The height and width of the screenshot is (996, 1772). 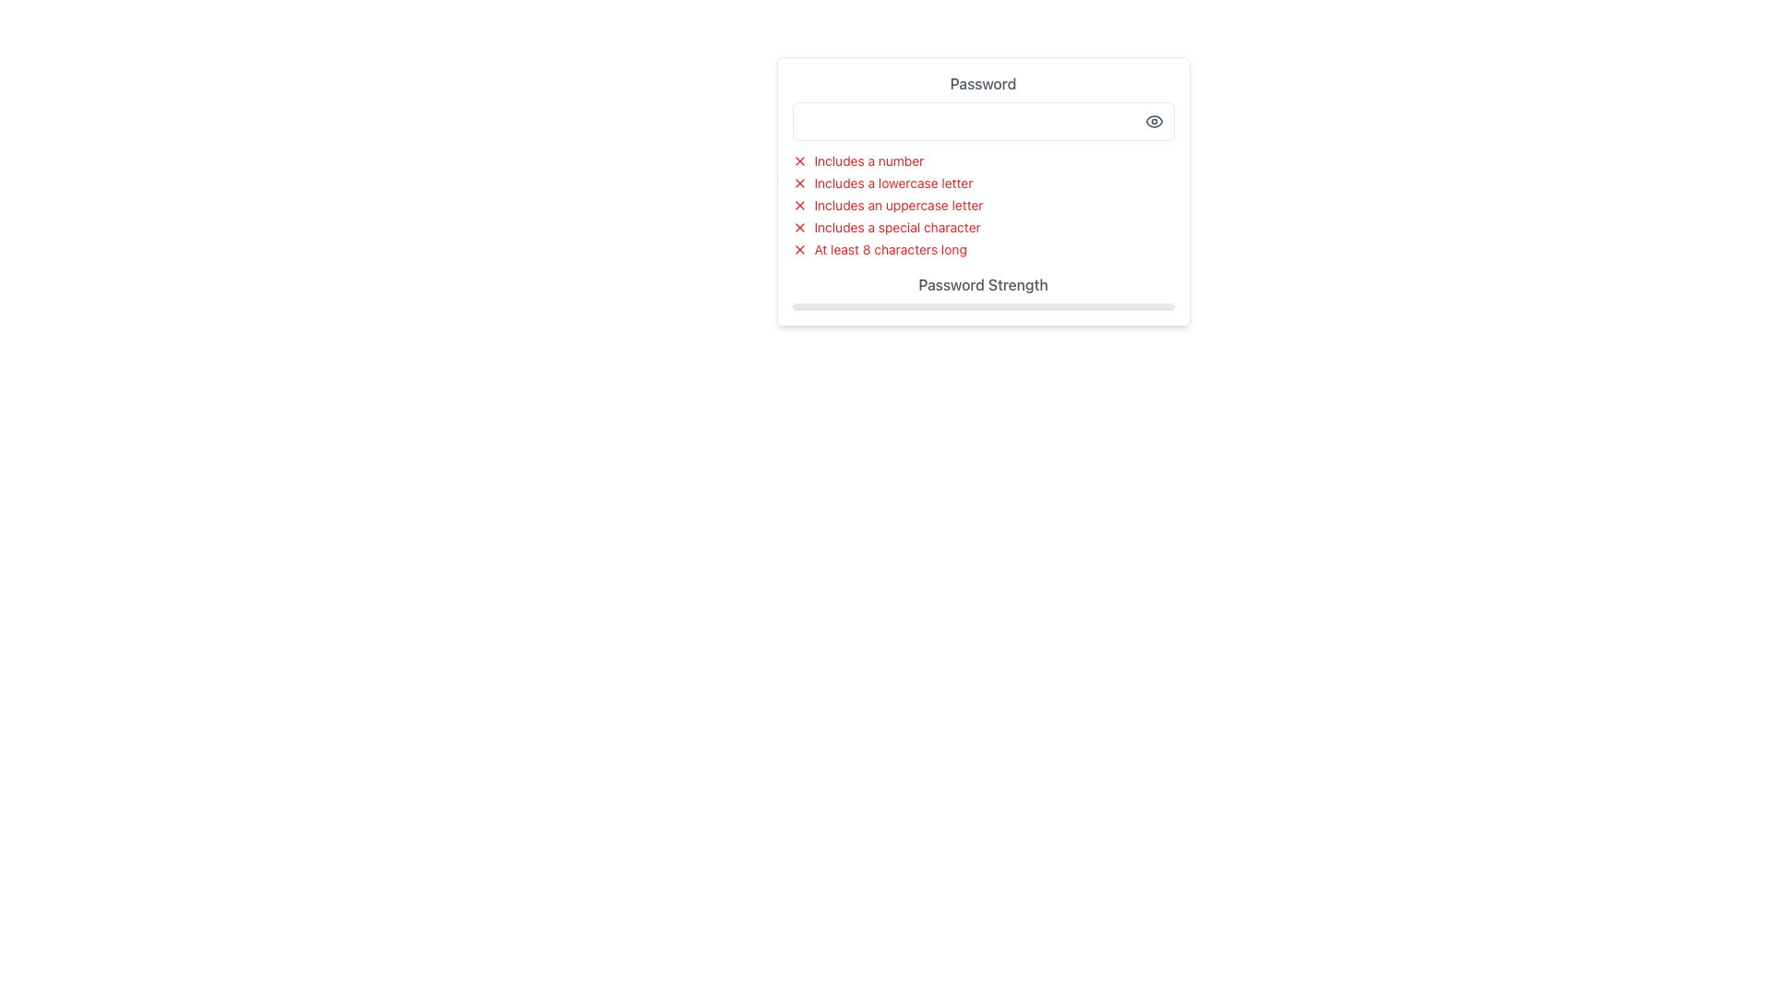 I want to click on the eye-shaped icon button located on the far-right side of the 'Password' input field, so click(x=1153, y=121).